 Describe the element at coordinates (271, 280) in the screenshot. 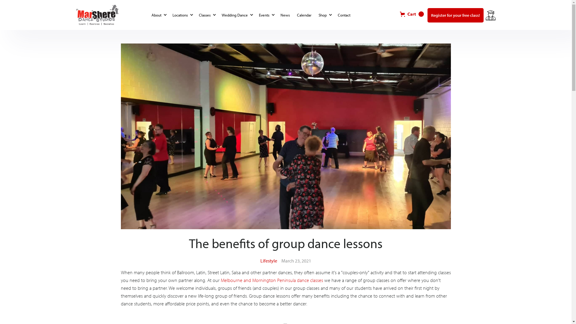

I see `'Melbourne and Mornington Peninsula dance classes'` at that location.